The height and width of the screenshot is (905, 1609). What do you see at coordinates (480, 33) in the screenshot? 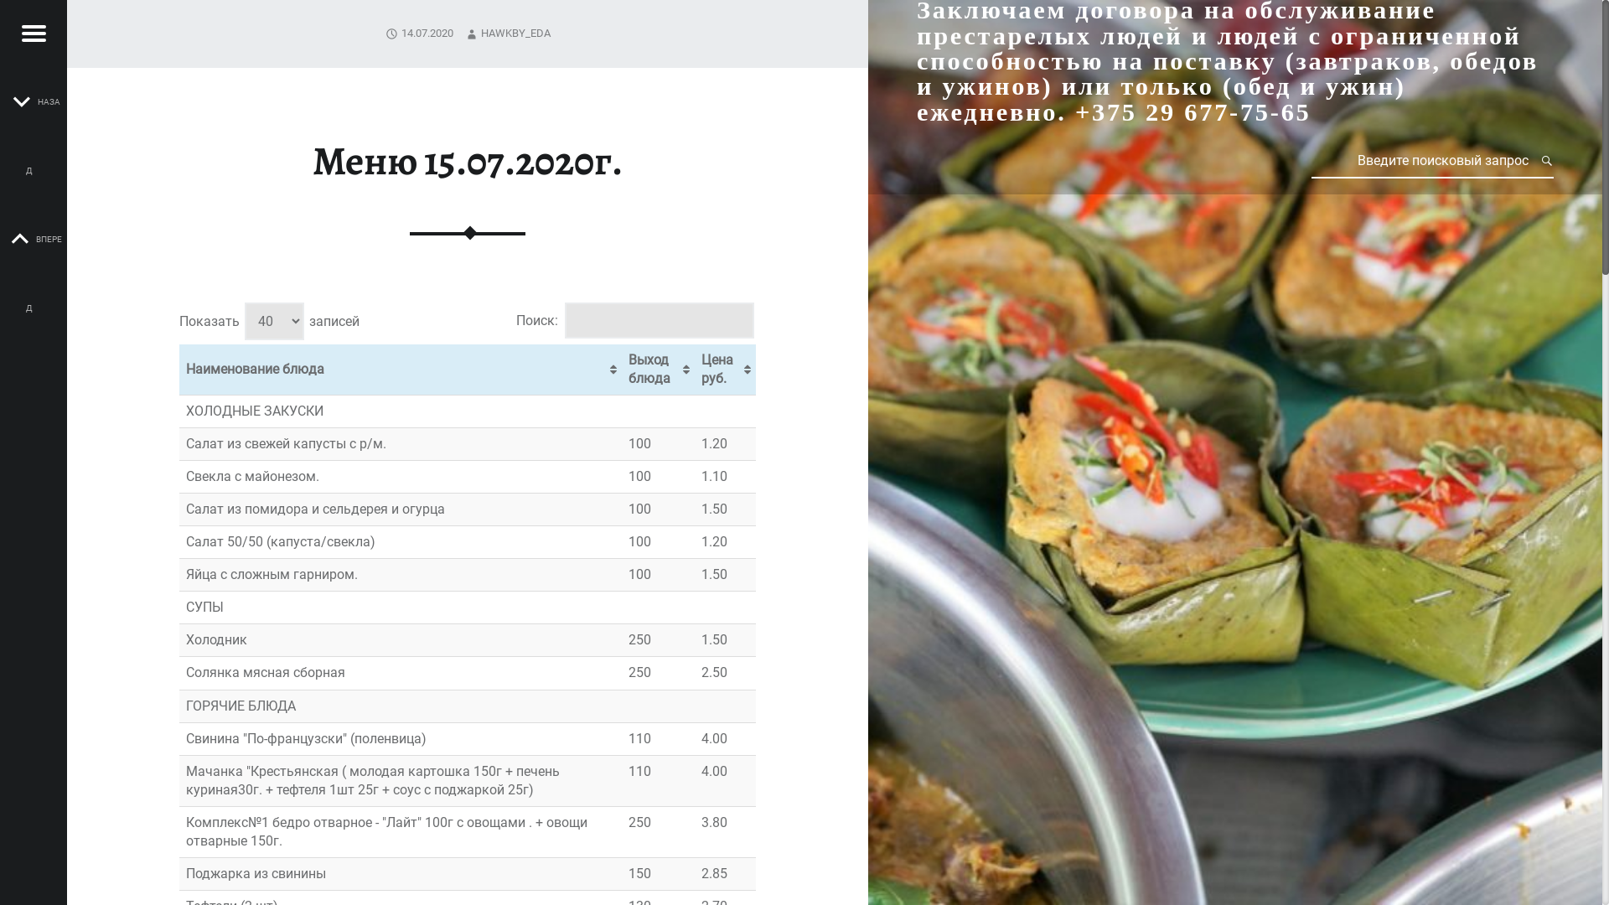
I see `'HAWKBY_EDA'` at bounding box center [480, 33].